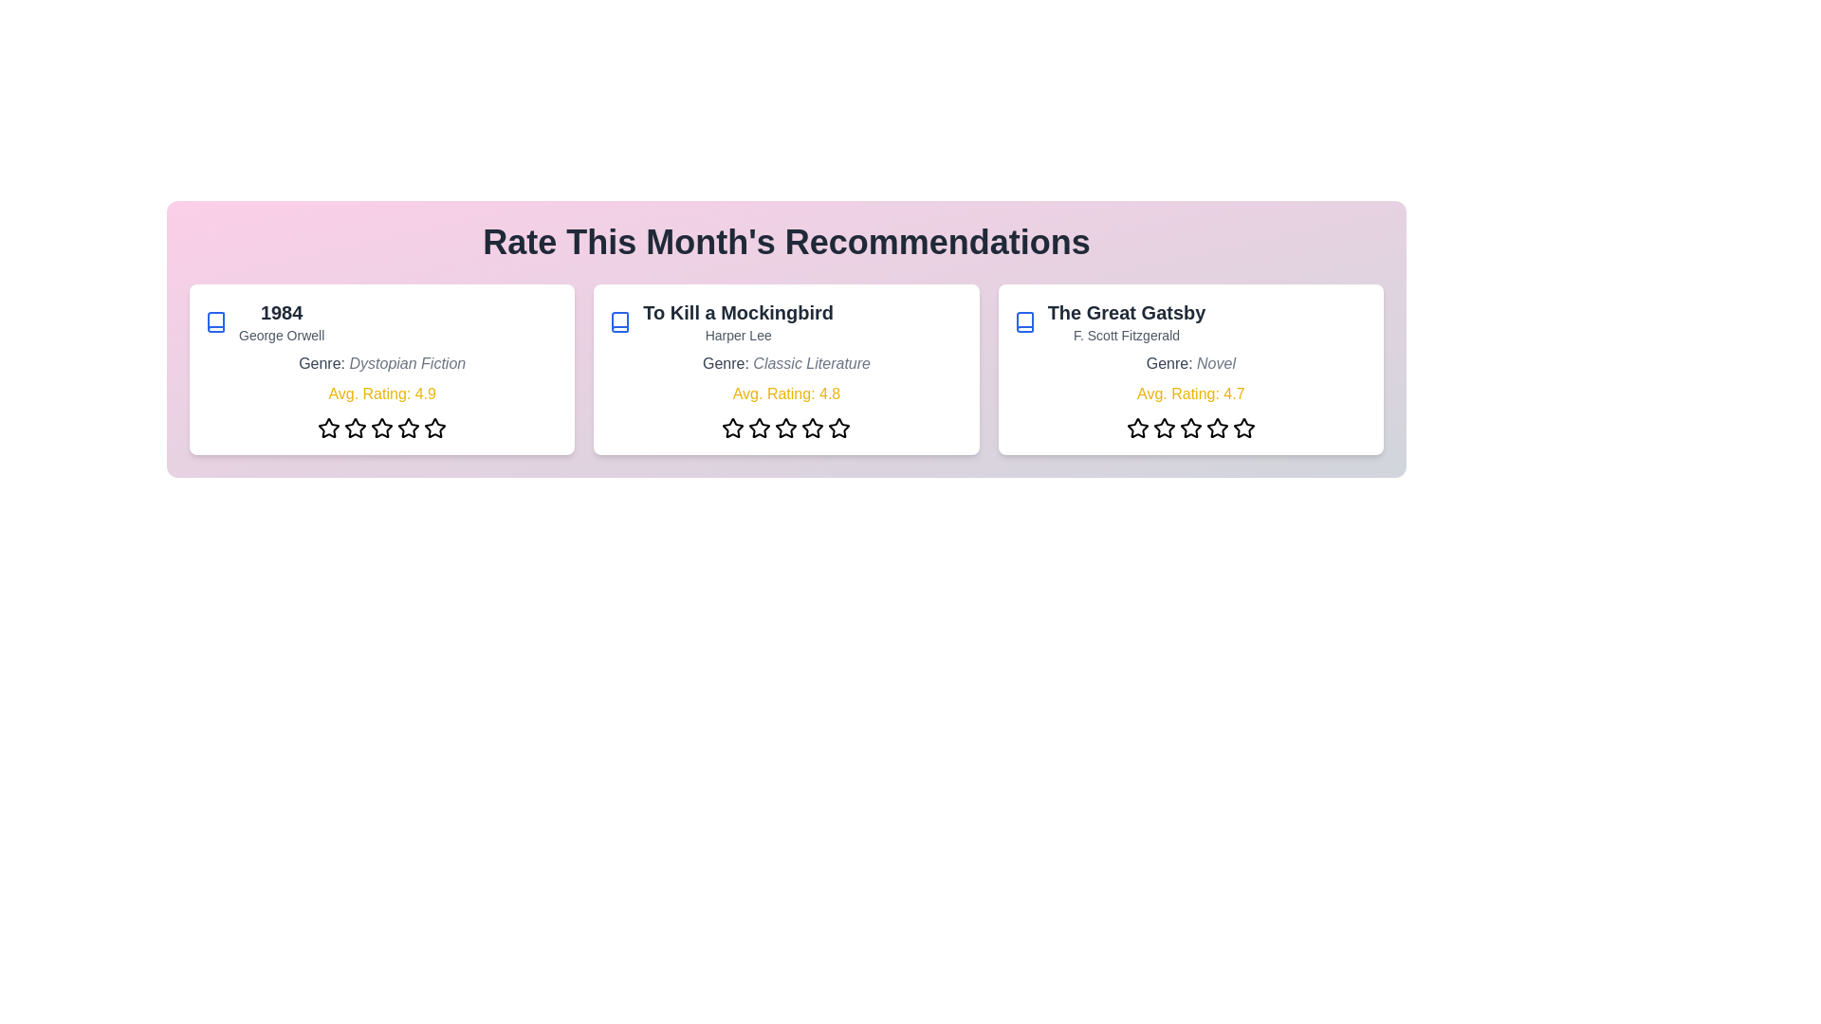  I want to click on the book card for 'To Kill a Mockingbird', so click(786, 369).